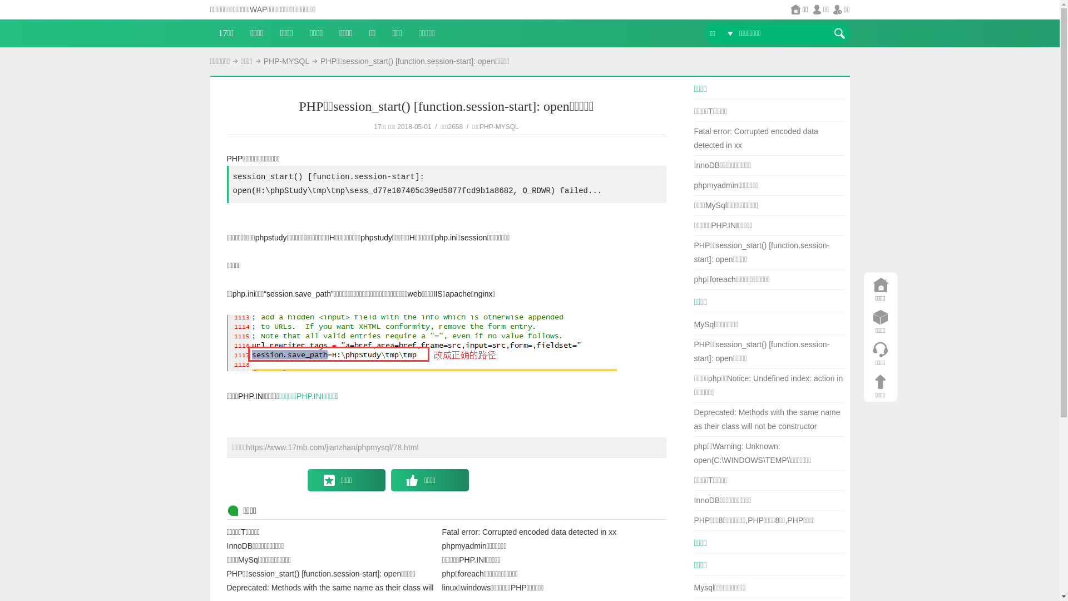 The height and width of the screenshot is (601, 1068). Describe the element at coordinates (756, 137) in the screenshot. I see `'Fatal error: Corrupted encoded data detected in xx'` at that location.